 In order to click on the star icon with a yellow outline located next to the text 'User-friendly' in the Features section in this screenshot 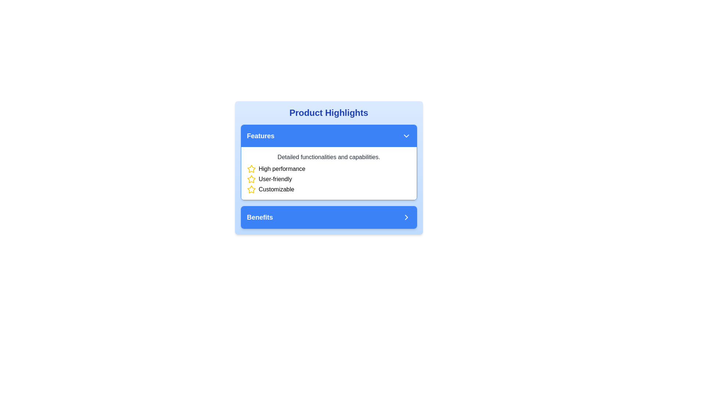, I will do `click(251, 179)`.